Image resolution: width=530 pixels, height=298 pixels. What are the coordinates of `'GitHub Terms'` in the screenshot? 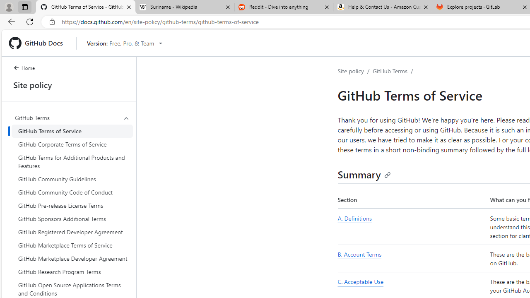 It's located at (390, 70).